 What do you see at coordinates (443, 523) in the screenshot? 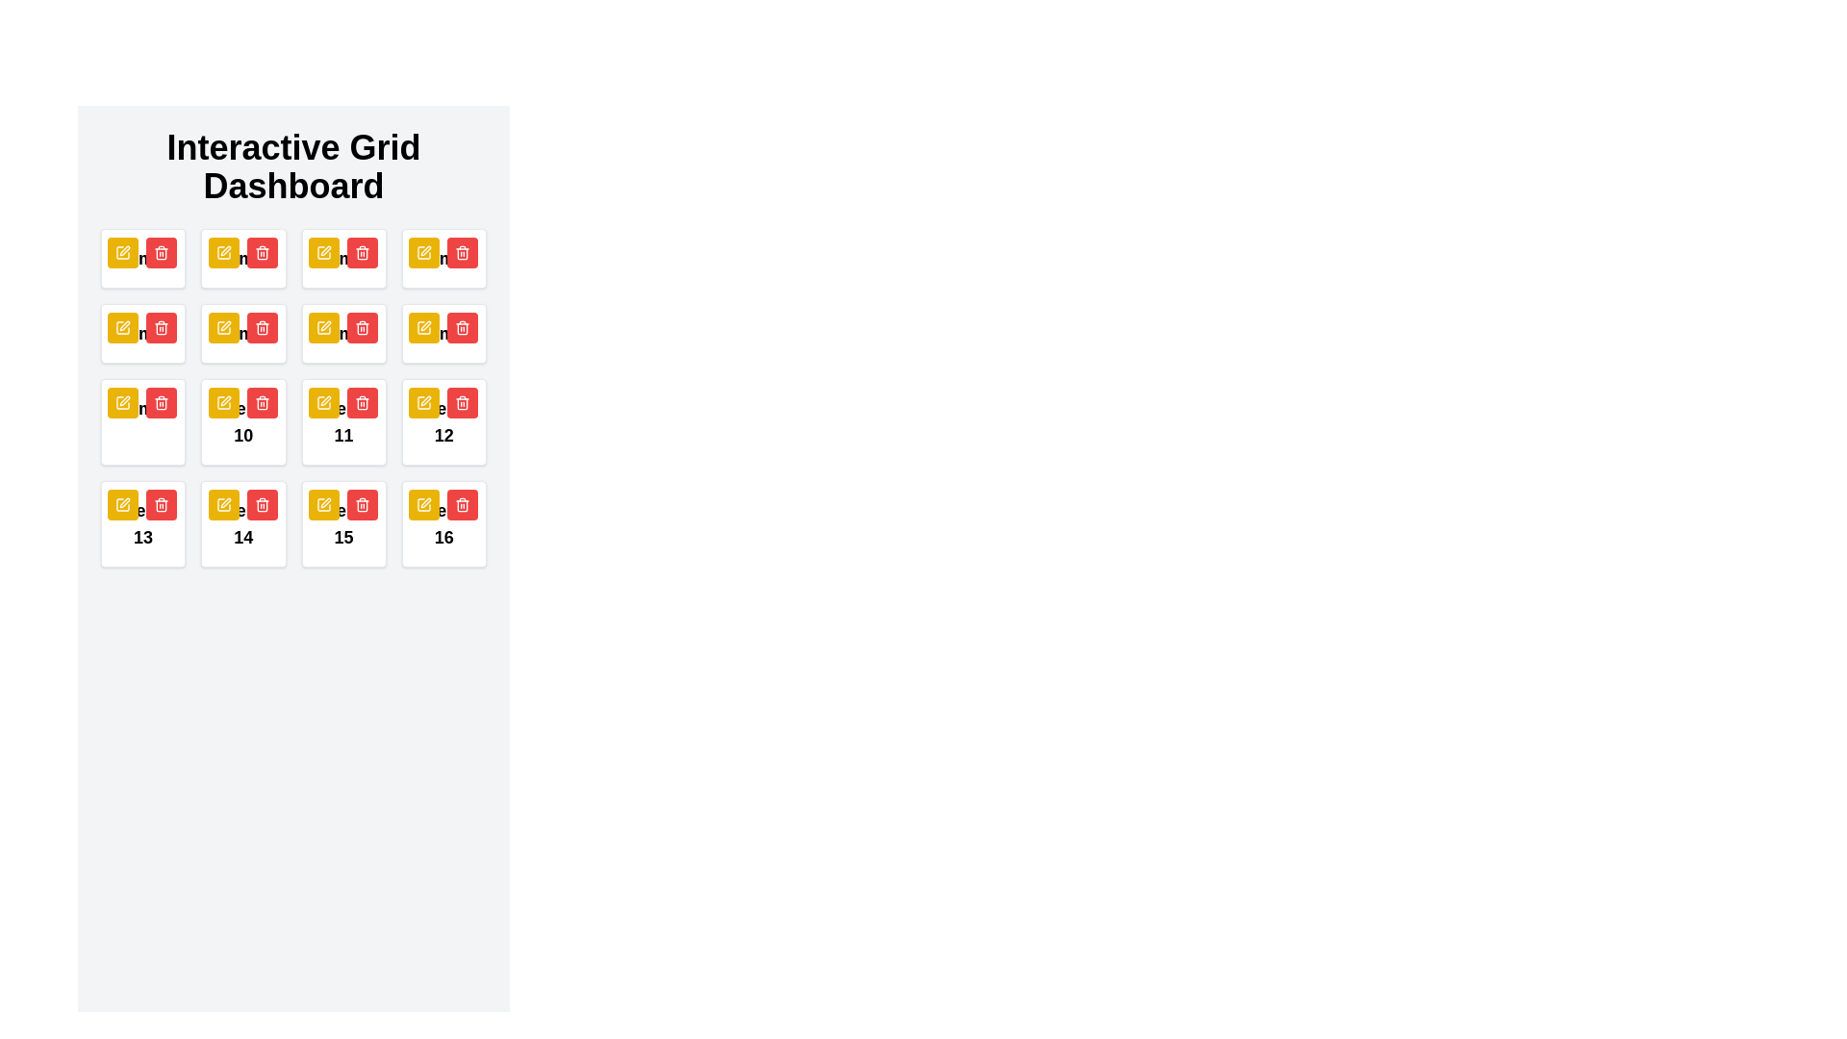
I see `the delete button located on the Card with the bold text 'Item 16', which is positioned in the bottom-right corner of the grid layout` at bounding box center [443, 523].